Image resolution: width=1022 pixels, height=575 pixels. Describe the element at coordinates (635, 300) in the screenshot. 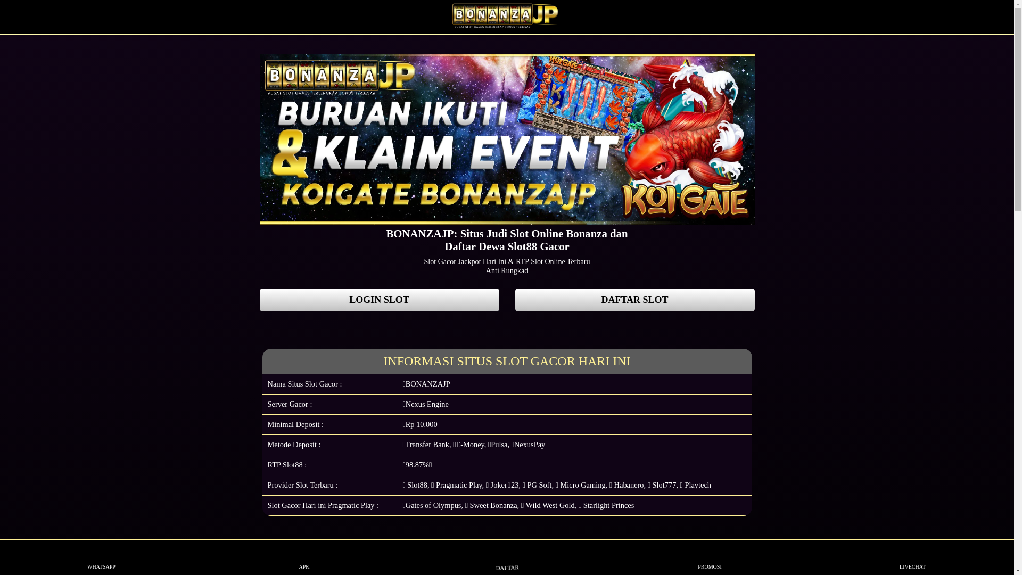

I see `'DAFTAR SLOT'` at that location.